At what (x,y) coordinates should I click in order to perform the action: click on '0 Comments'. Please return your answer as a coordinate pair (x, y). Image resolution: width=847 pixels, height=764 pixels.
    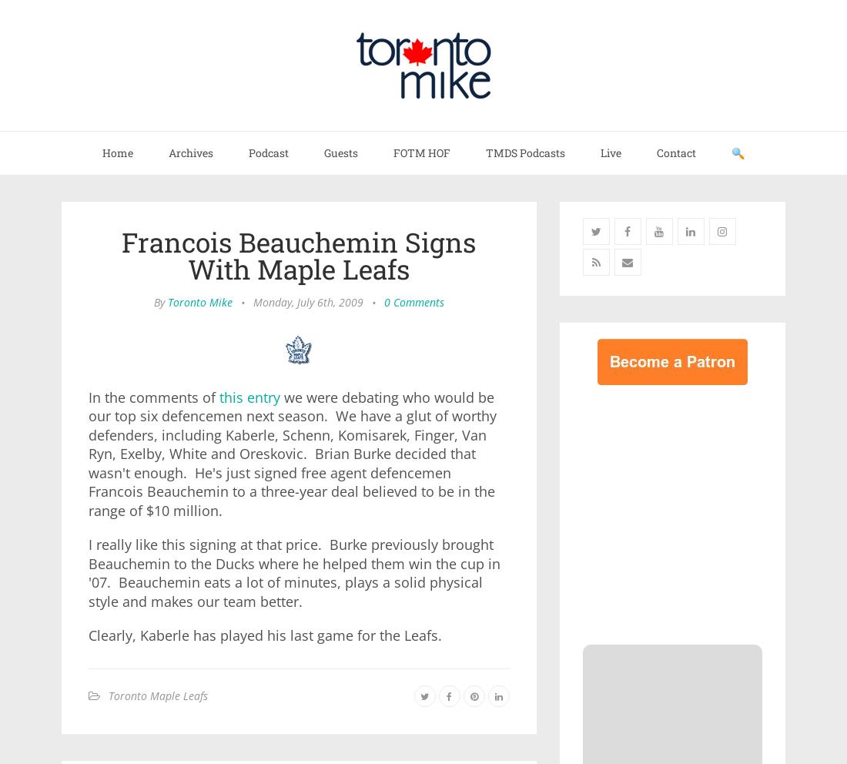
    Looking at the image, I should click on (413, 302).